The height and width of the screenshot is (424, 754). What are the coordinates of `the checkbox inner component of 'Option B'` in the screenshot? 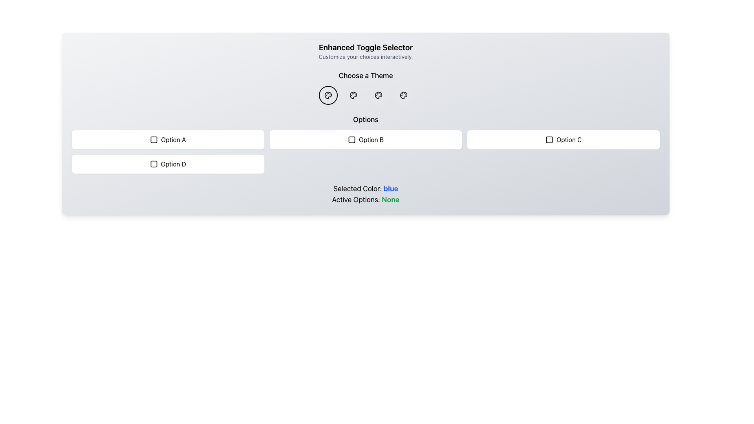 It's located at (351, 139).